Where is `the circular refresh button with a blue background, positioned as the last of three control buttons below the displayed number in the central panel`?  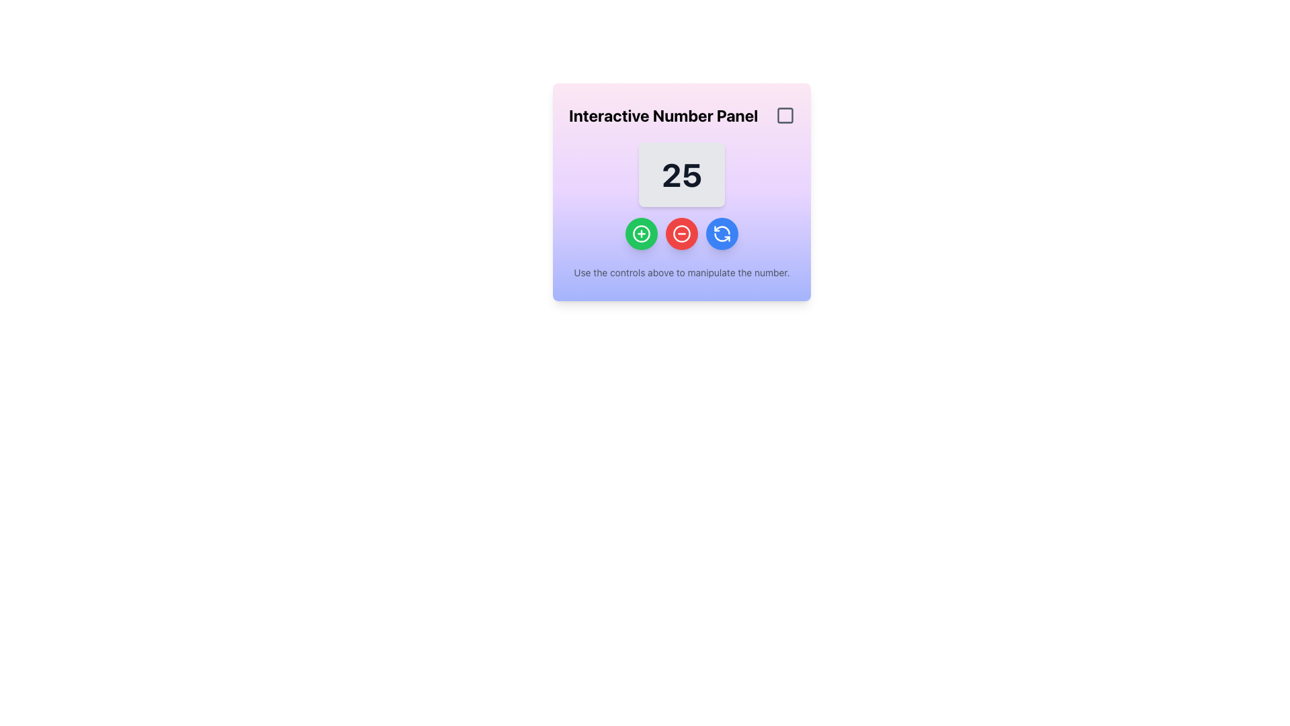
the circular refresh button with a blue background, positioned as the last of three control buttons below the displayed number in the central panel is located at coordinates (722, 233).